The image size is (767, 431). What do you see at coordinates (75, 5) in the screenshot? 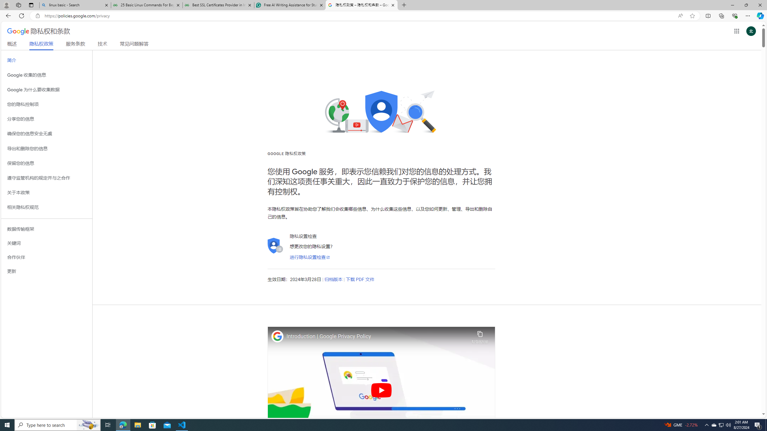
I see `'linux basic - Search'` at bounding box center [75, 5].